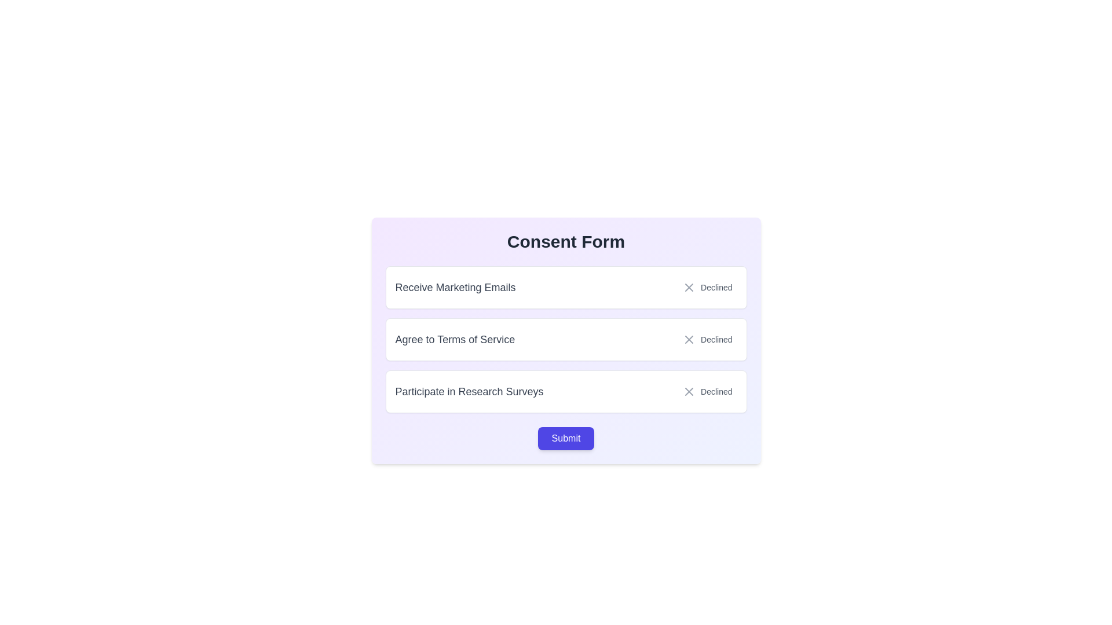  I want to click on the 'Declined' button in the Interactive option block of the Consent Form, so click(566, 340).